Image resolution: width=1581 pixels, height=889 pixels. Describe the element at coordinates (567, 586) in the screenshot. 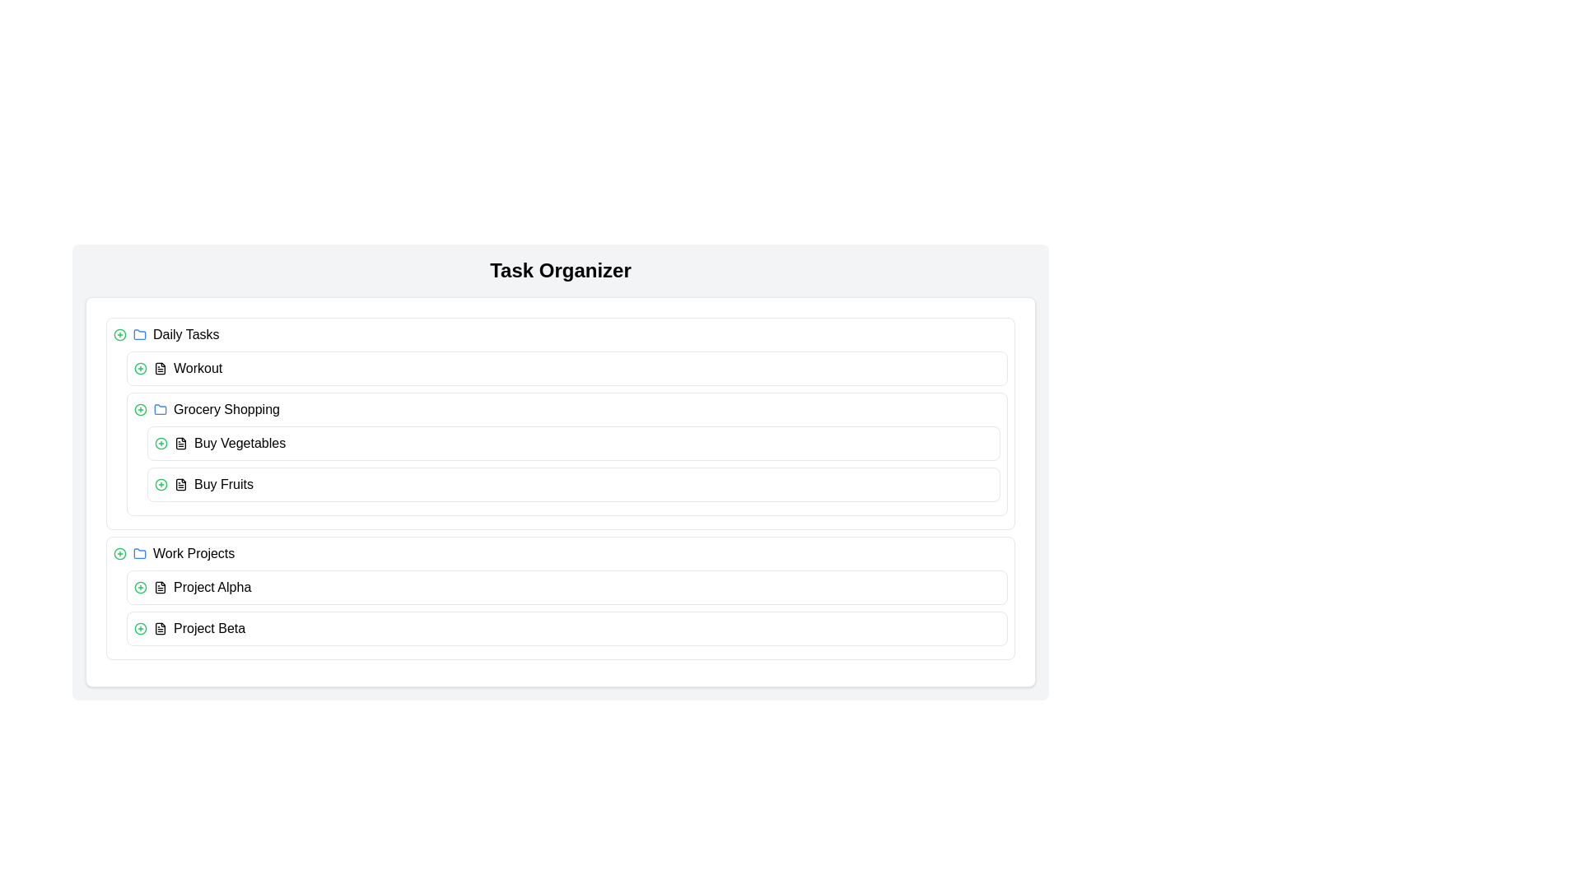

I see `the 'Project Alpha' entry in the 'Work Projects' section, which is the first item in the list` at that location.